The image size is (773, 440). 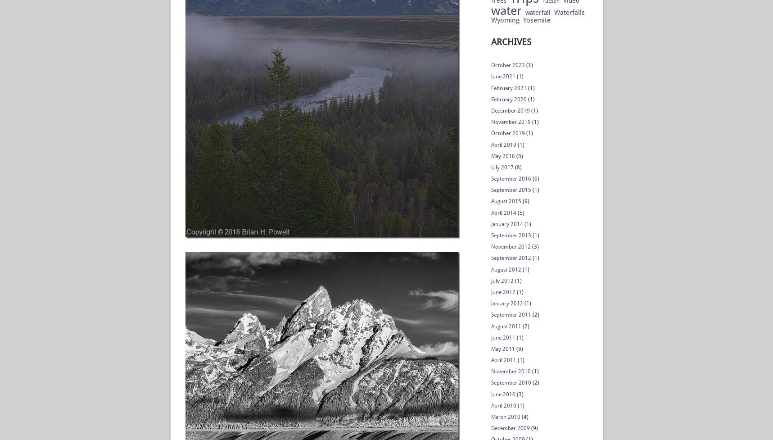 What do you see at coordinates (503, 394) in the screenshot?
I see `'June 2010'` at bounding box center [503, 394].